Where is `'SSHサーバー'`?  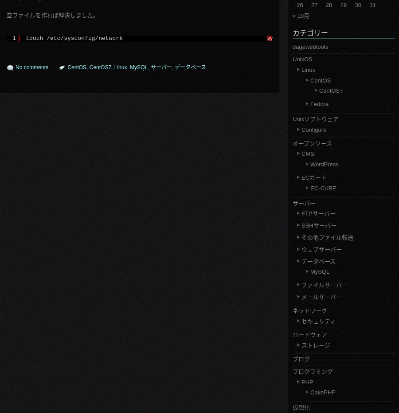 'SSHサーバー' is located at coordinates (318, 225).